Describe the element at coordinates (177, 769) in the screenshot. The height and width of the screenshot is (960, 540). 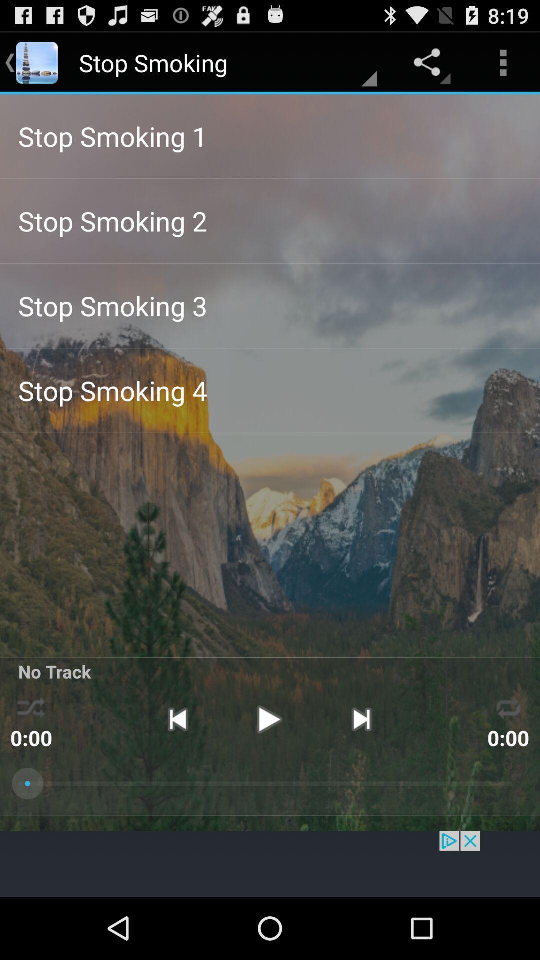
I see `the skip_previous icon` at that location.